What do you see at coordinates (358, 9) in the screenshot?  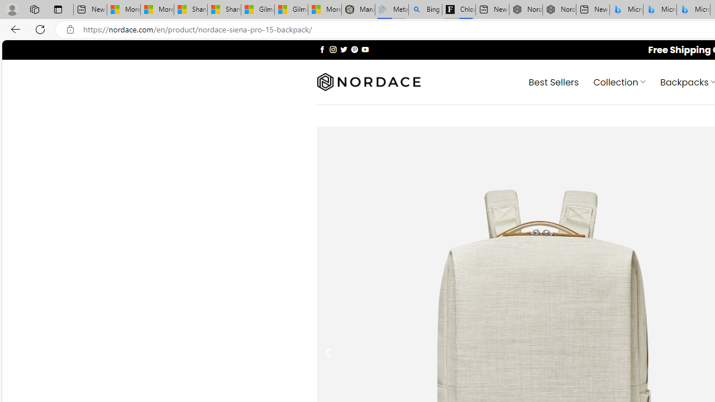 I see `'Manatee Mortality Statistics | FWC'` at bounding box center [358, 9].